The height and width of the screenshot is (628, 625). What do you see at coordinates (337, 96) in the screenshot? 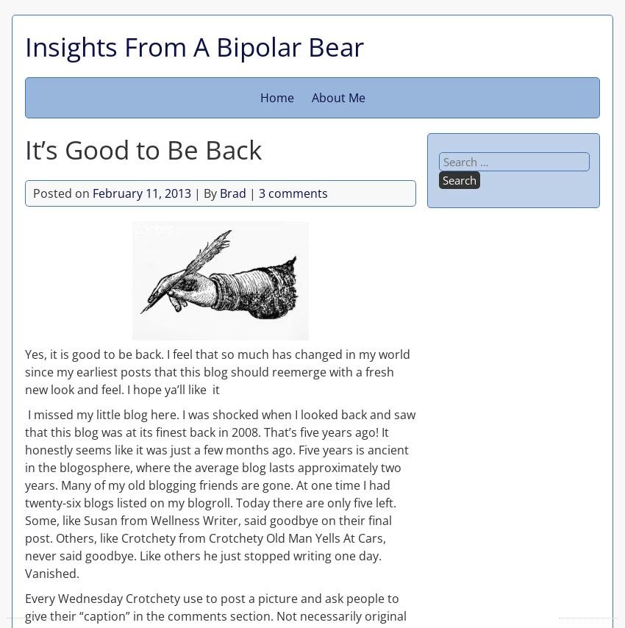
I see `'About Me'` at bounding box center [337, 96].